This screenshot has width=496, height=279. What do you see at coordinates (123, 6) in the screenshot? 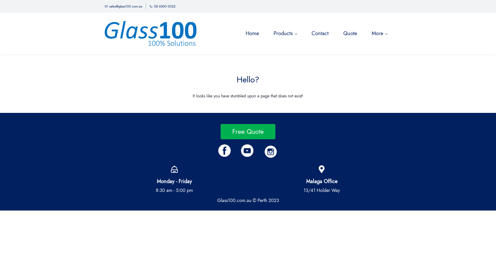
I see `'sales@glass100.com.au'` at bounding box center [123, 6].